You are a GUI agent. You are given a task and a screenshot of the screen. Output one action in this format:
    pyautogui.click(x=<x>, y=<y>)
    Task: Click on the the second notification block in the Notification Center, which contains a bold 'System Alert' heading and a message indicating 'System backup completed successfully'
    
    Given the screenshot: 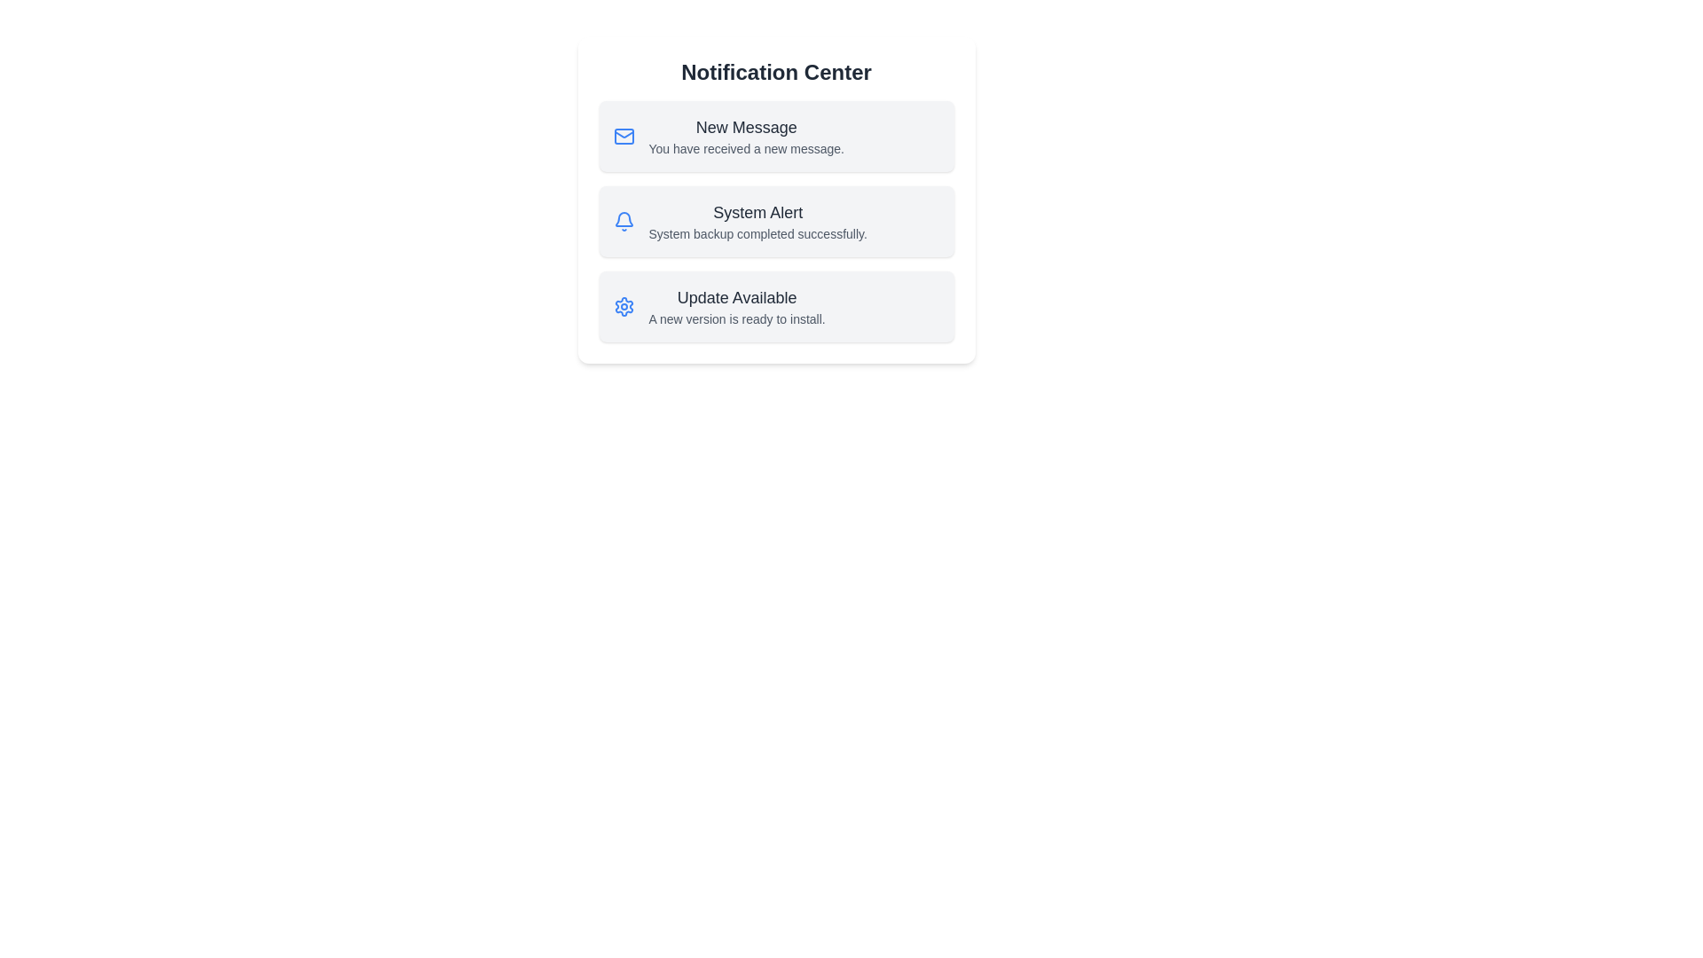 What is the action you would take?
    pyautogui.click(x=776, y=200)
    